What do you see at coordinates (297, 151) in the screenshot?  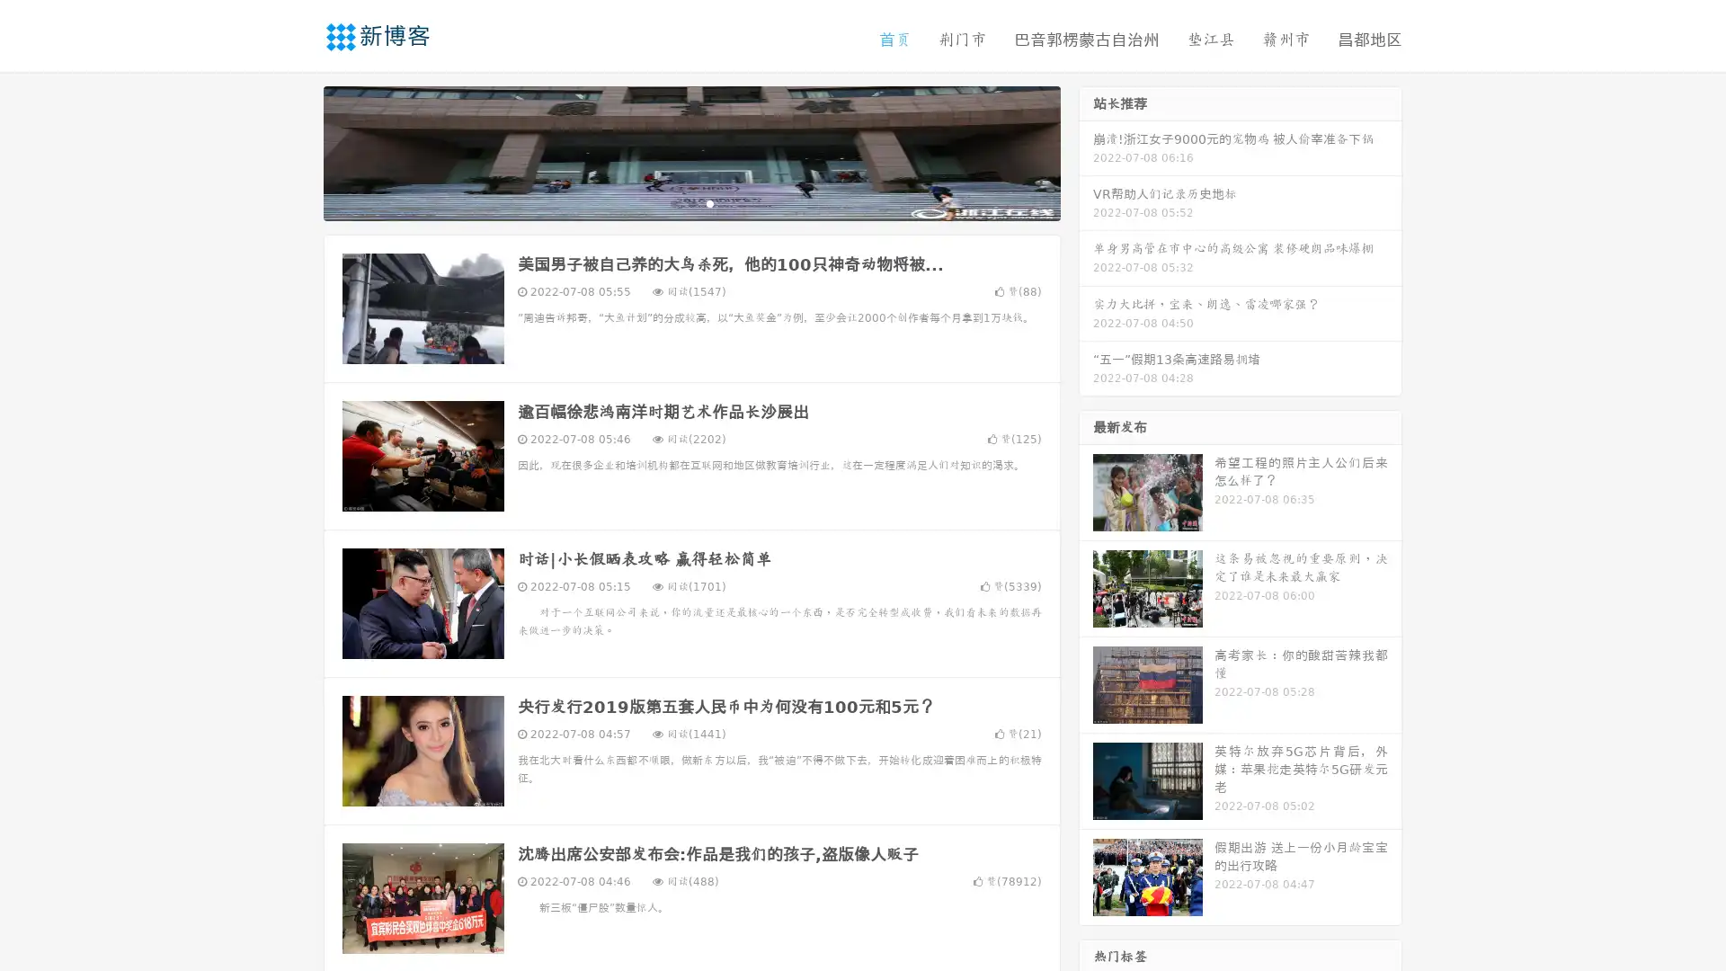 I see `Previous slide` at bounding box center [297, 151].